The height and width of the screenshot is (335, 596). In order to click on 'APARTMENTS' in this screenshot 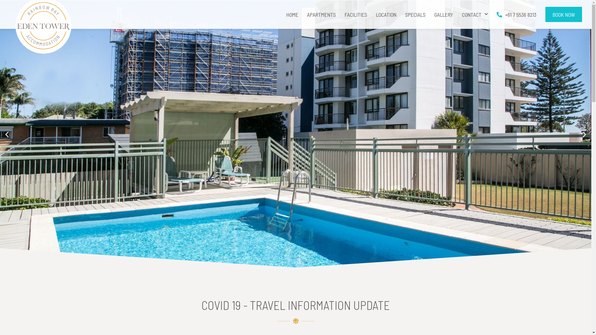, I will do `click(321, 14)`.